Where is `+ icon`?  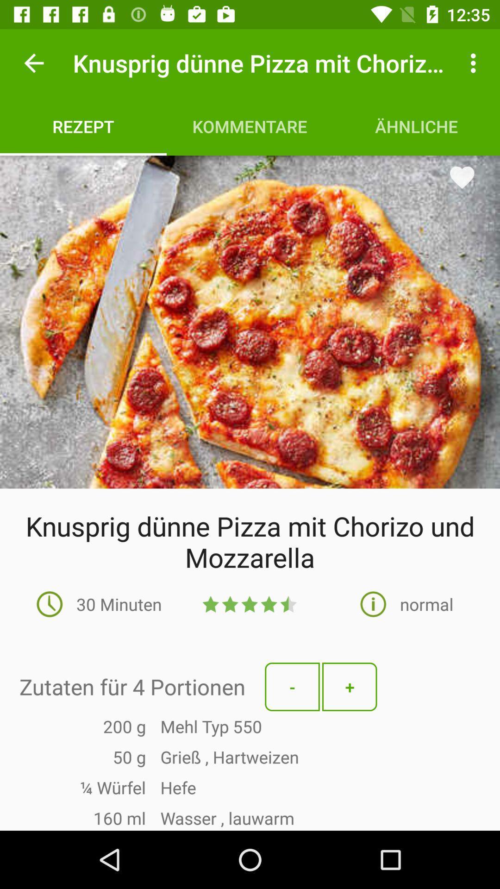 + icon is located at coordinates (350, 687).